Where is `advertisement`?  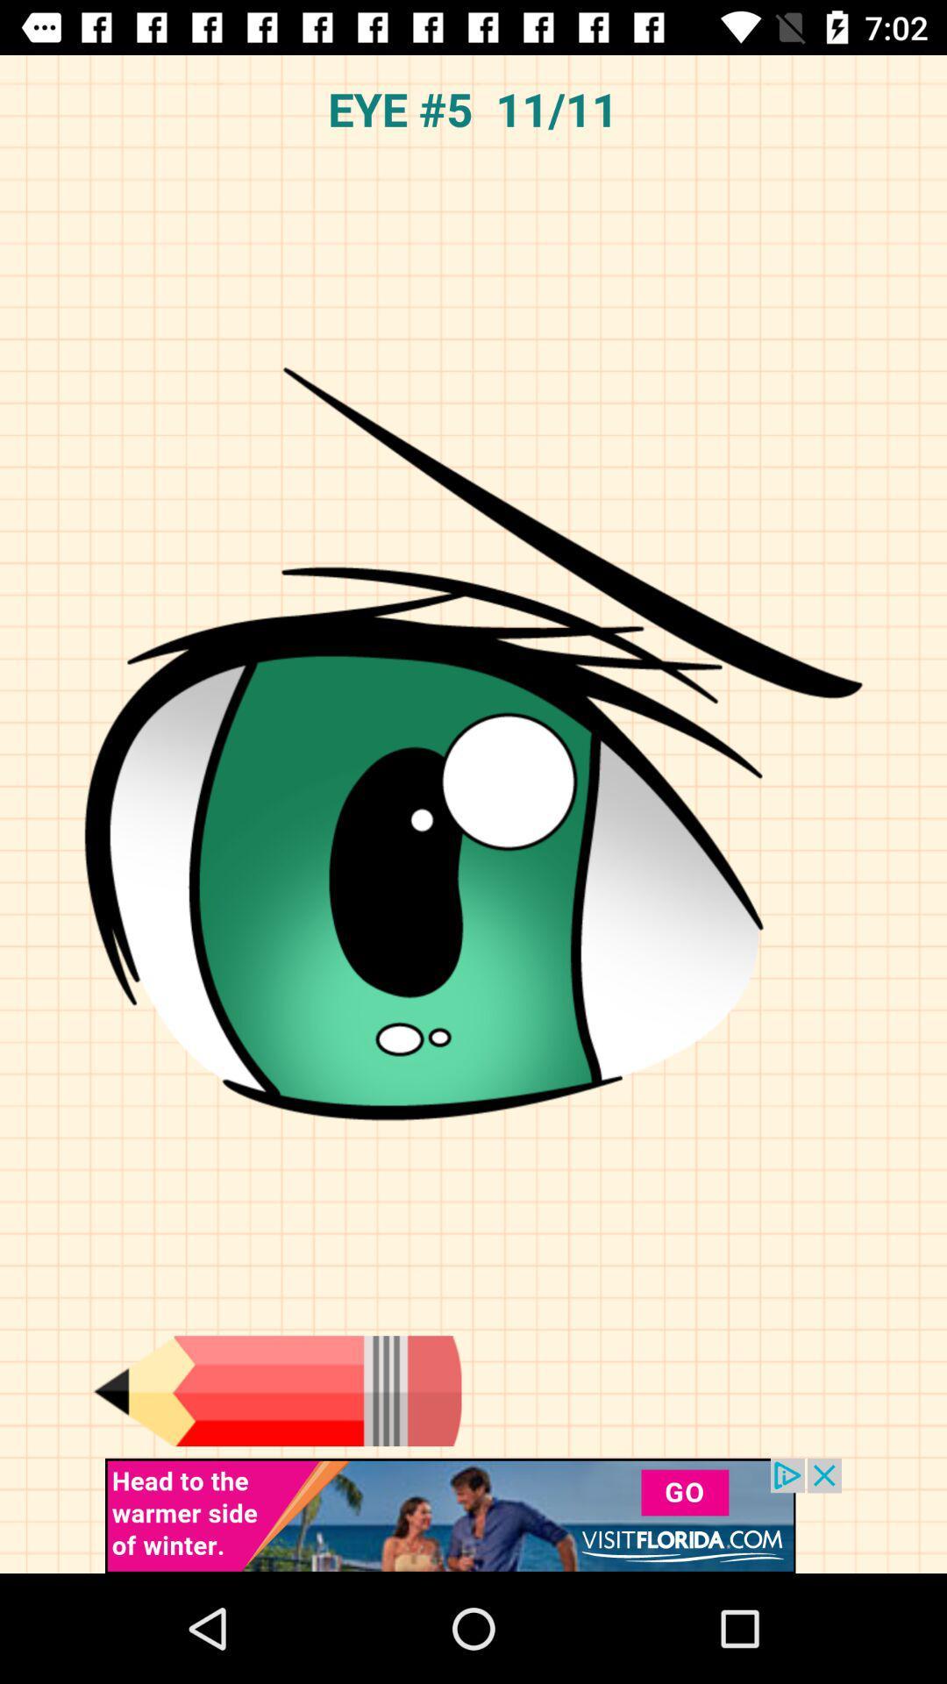 advertisement is located at coordinates (473, 1515).